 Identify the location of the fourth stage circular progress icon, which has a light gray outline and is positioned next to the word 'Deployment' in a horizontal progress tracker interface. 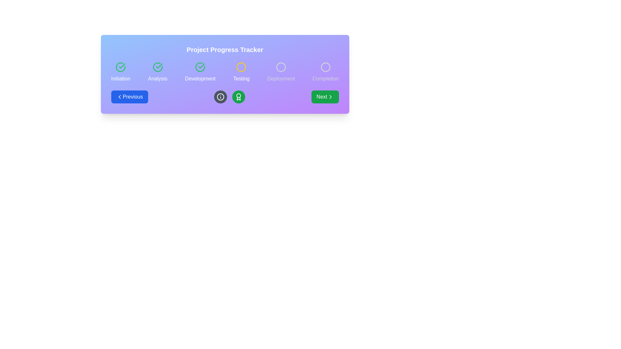
(281, 67).